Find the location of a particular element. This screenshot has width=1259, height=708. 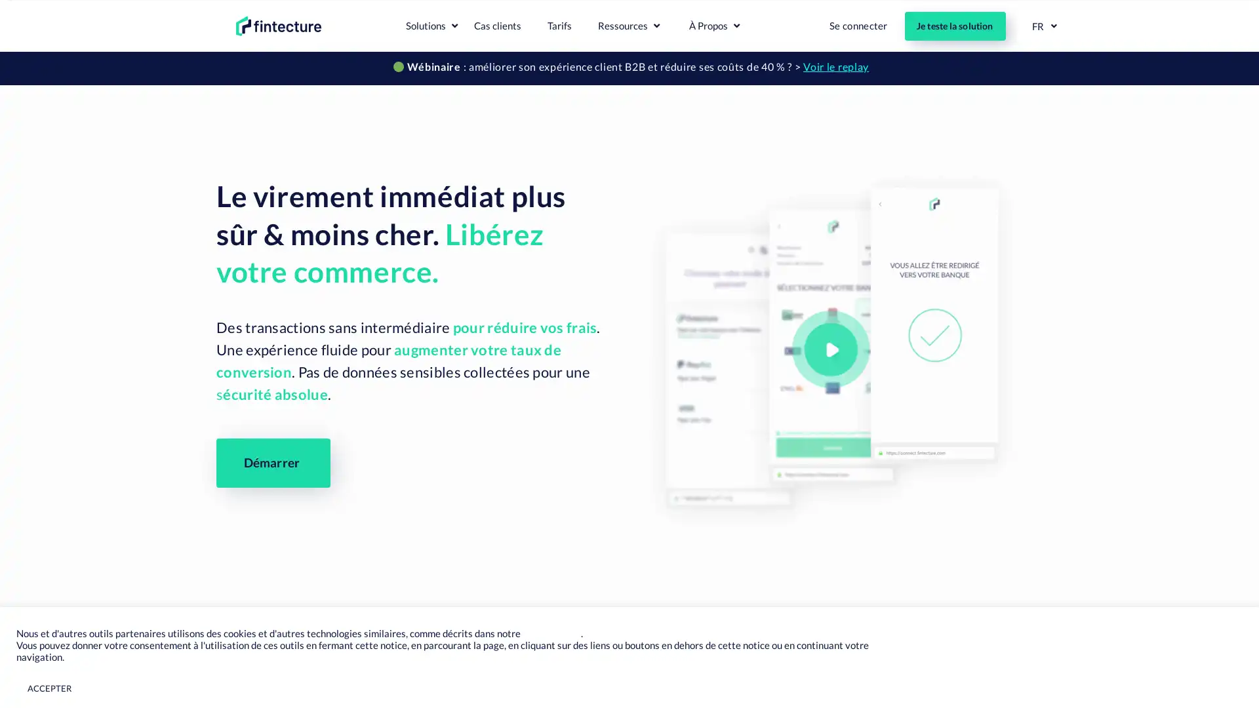

Je teste la solution is located at coordinates (955, 26).